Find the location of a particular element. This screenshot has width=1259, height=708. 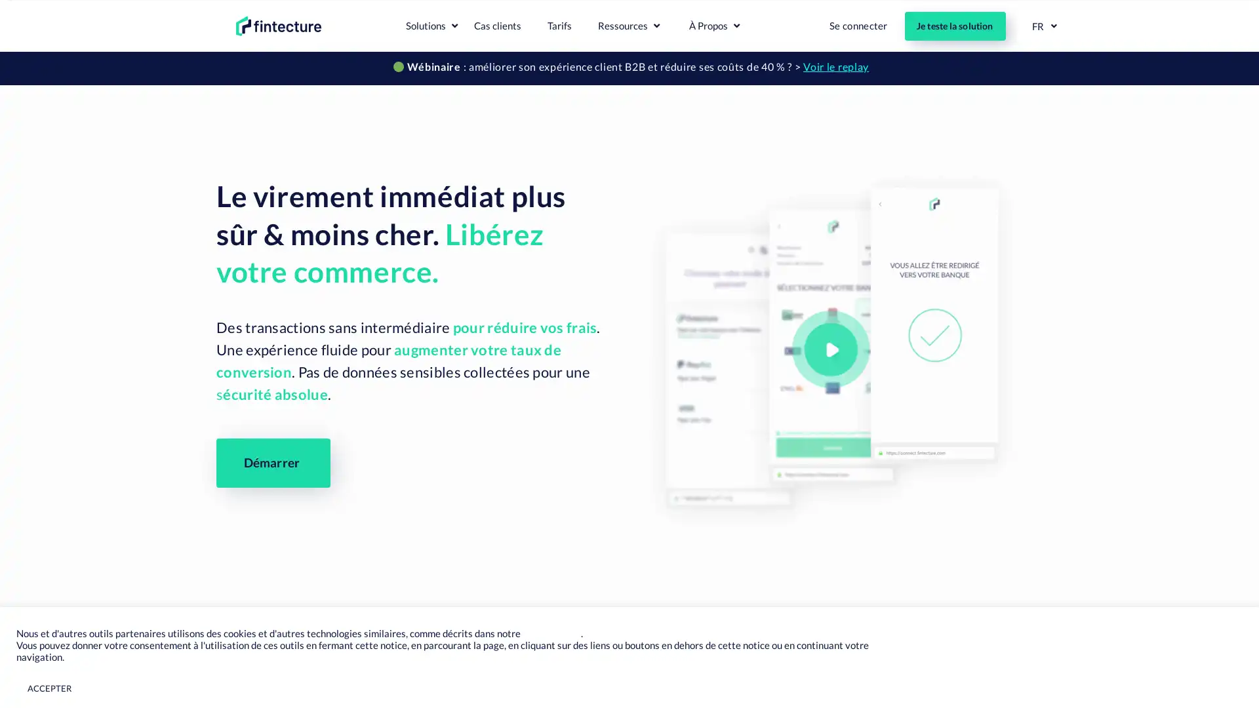

Je teste la solution is located at coordinates (955, 26).